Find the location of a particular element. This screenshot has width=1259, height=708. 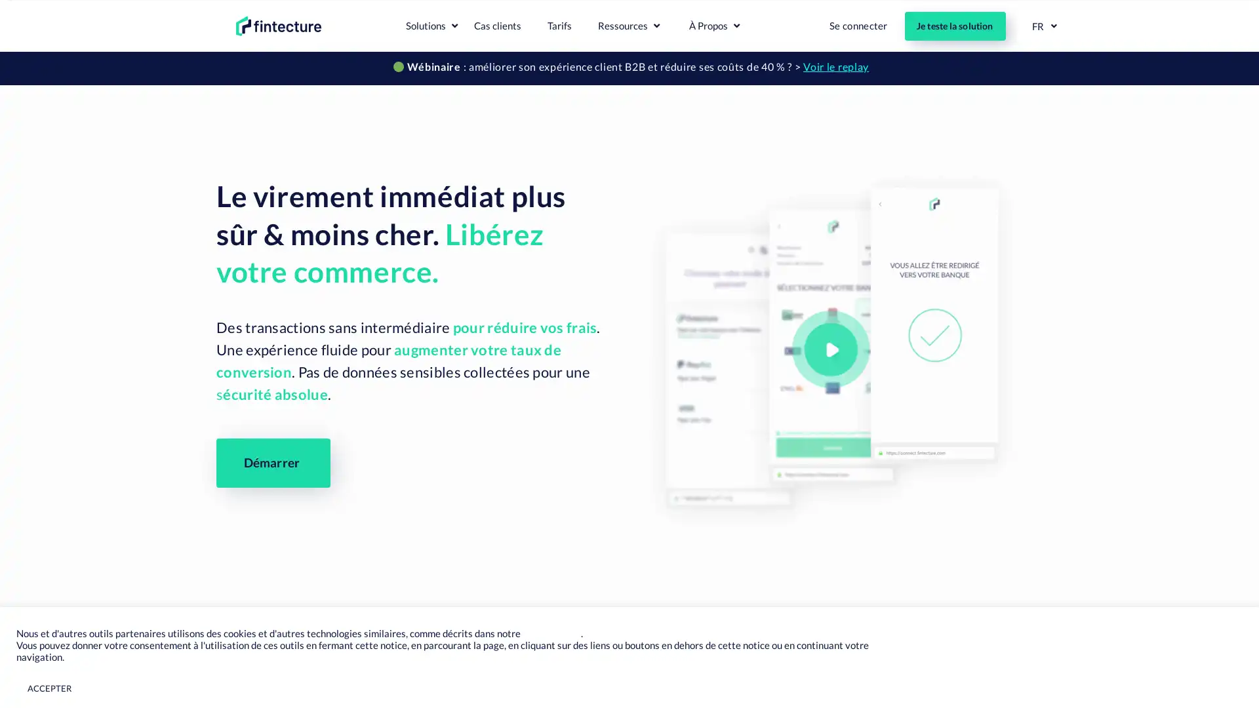

Je teste la solution is located at coordinates (955, 26).